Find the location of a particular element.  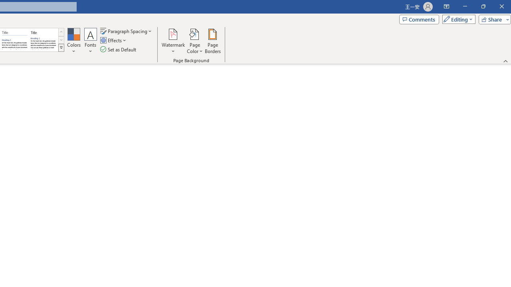

'Style Set' is located at coordinates (61, 48).